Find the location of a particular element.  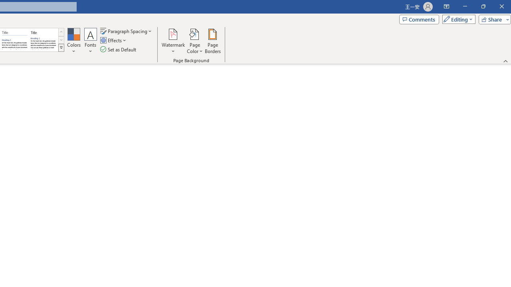

'Style Set' is located at coordinates (61, 48).